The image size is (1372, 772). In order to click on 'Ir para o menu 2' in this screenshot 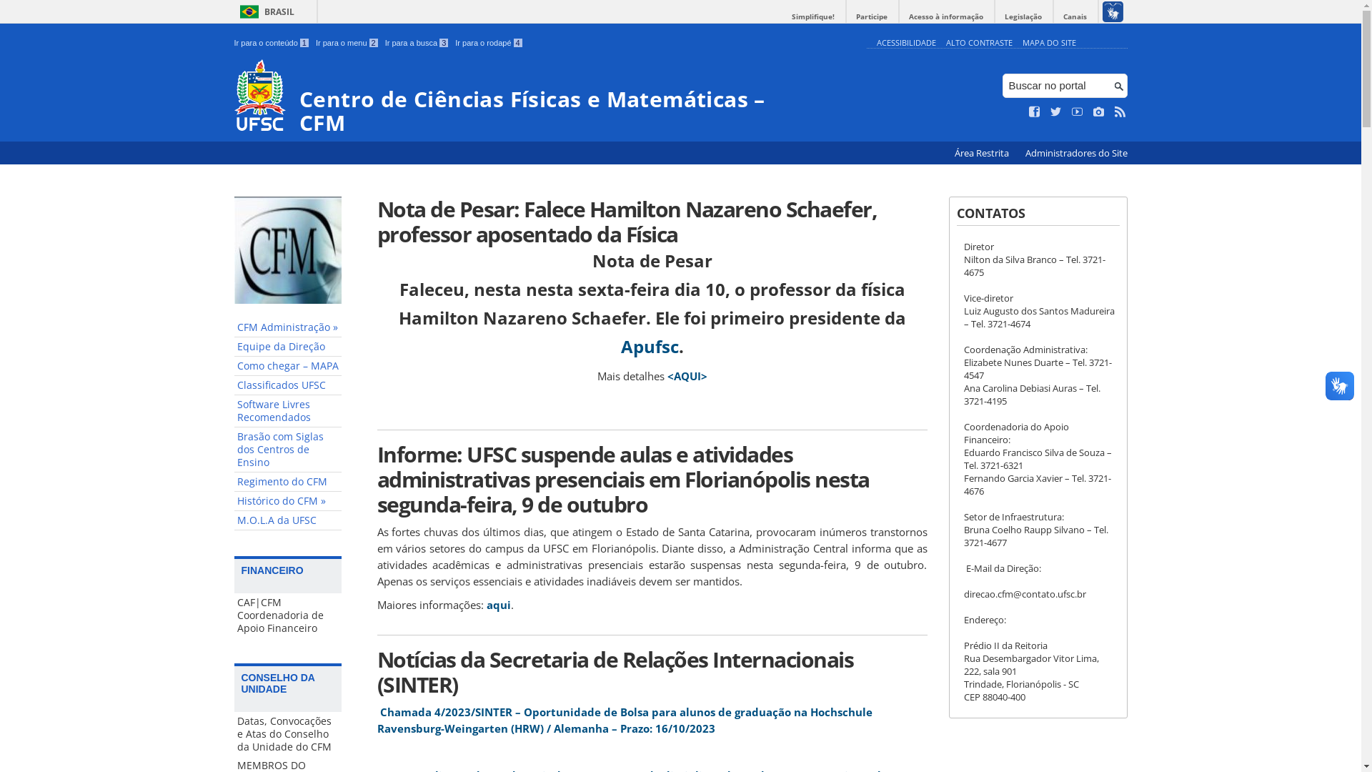, I will do `click(347, 42)`.